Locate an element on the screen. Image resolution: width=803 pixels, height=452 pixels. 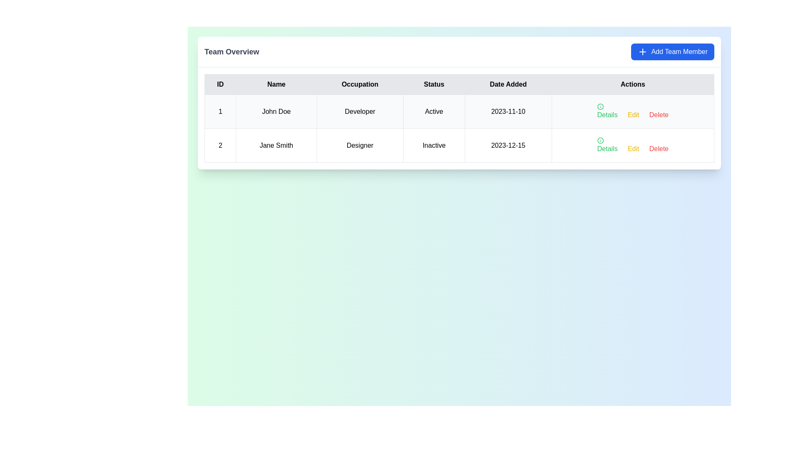
the circular decoration or icon component in the 'Actions' column of the second row in the user management table is located at coordinates (600, 140).